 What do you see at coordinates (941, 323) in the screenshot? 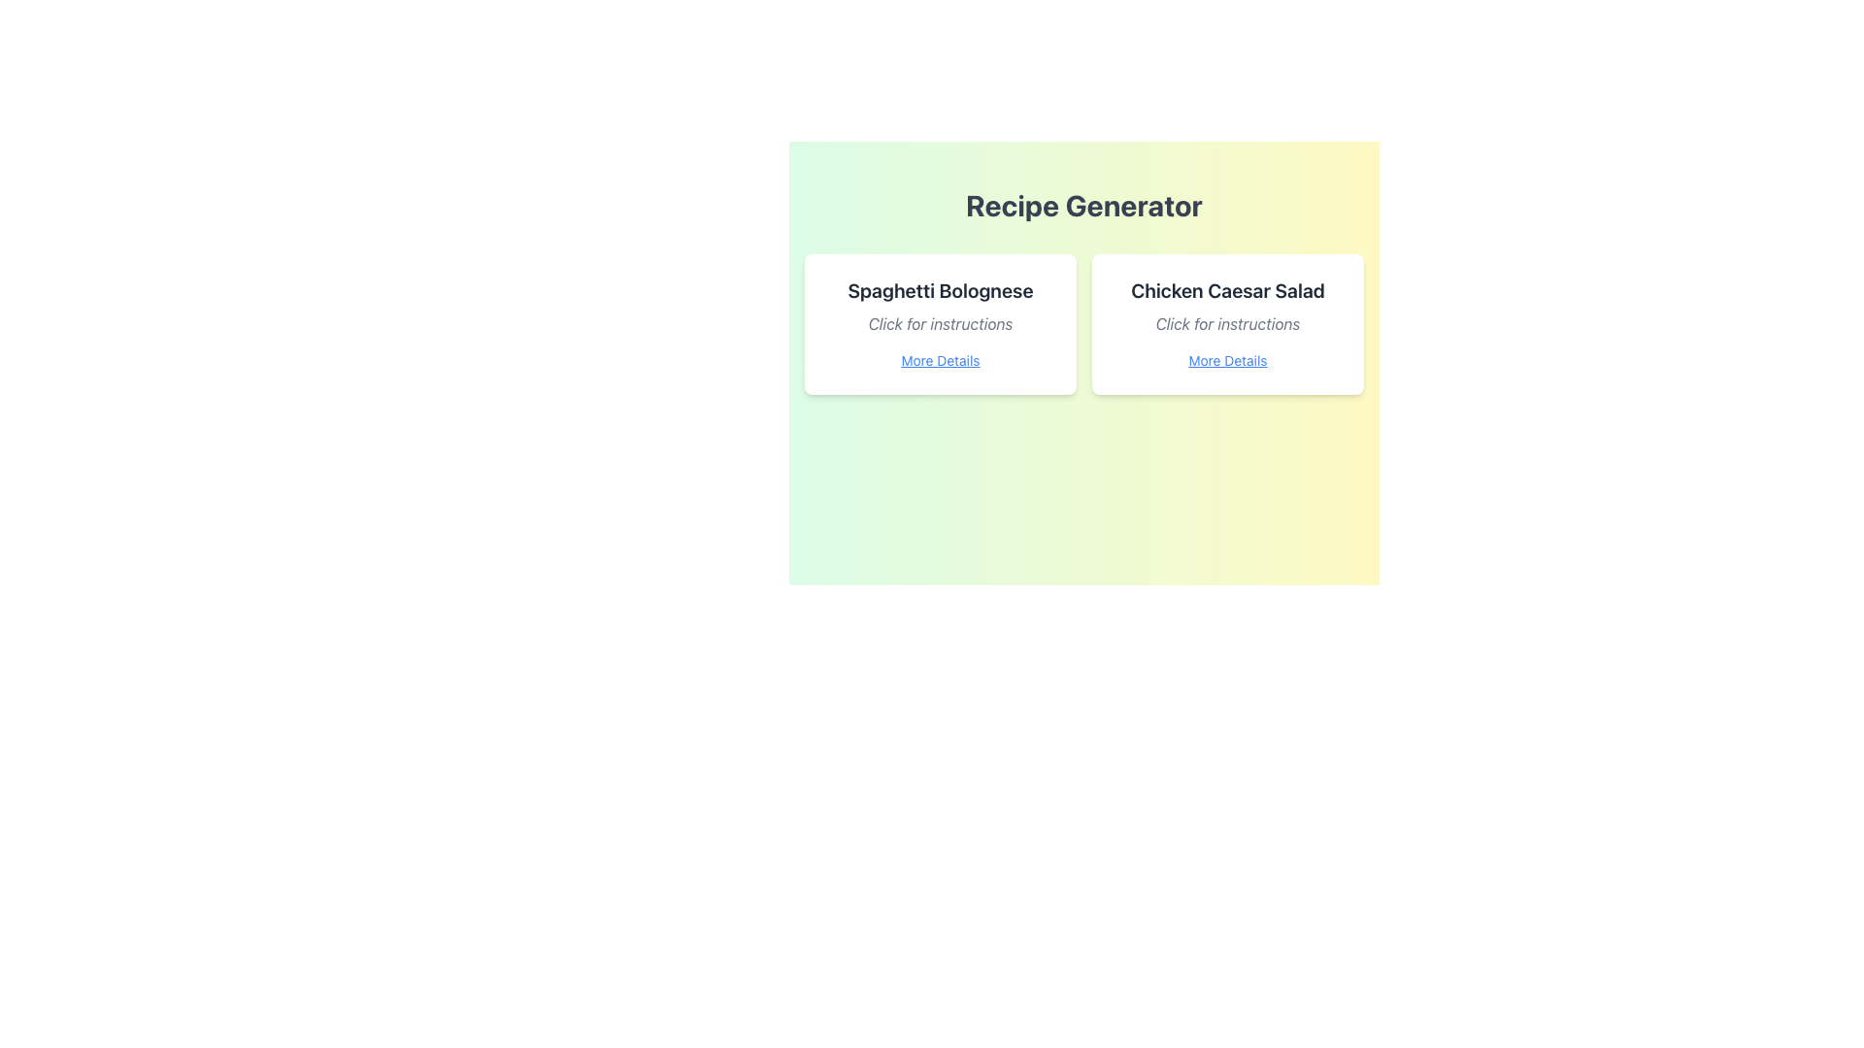
I see `the italicized gray text saying 'Click for instructions' located below 'Spaghetti Bolognese' and above the 'More Details' link` at bounding box center [941, 323].